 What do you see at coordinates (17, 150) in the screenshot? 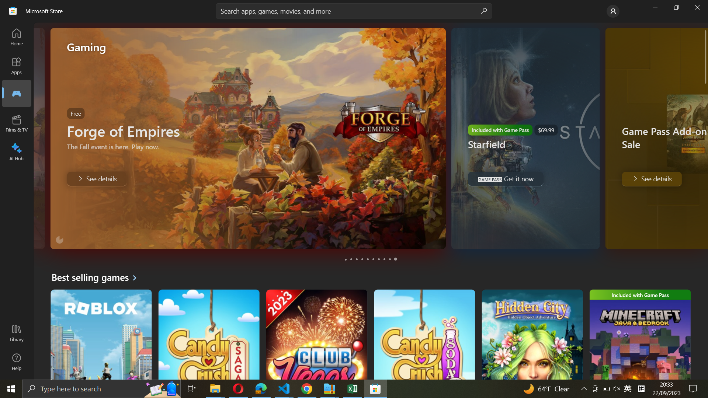
I see `the AI Hub` at bounding box center [17, 150].